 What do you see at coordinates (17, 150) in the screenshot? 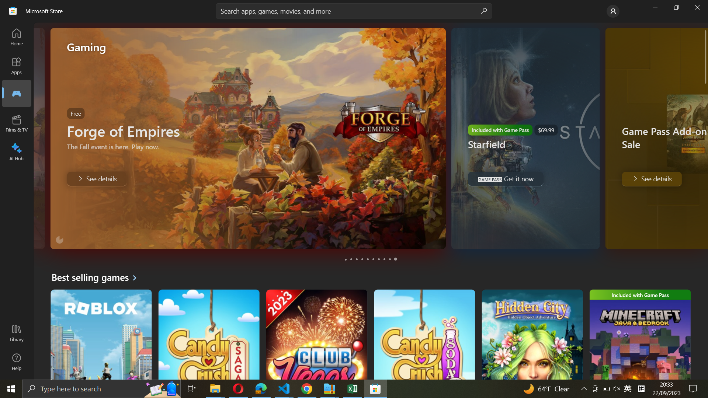
I see `the AI Hub` at bounding box center [17, 150].